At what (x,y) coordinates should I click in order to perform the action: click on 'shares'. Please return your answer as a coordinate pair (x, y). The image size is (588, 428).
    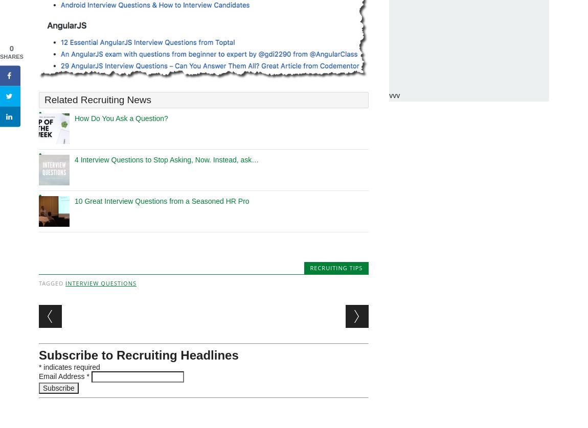
    Looking at the image, I should click on (0, 56).